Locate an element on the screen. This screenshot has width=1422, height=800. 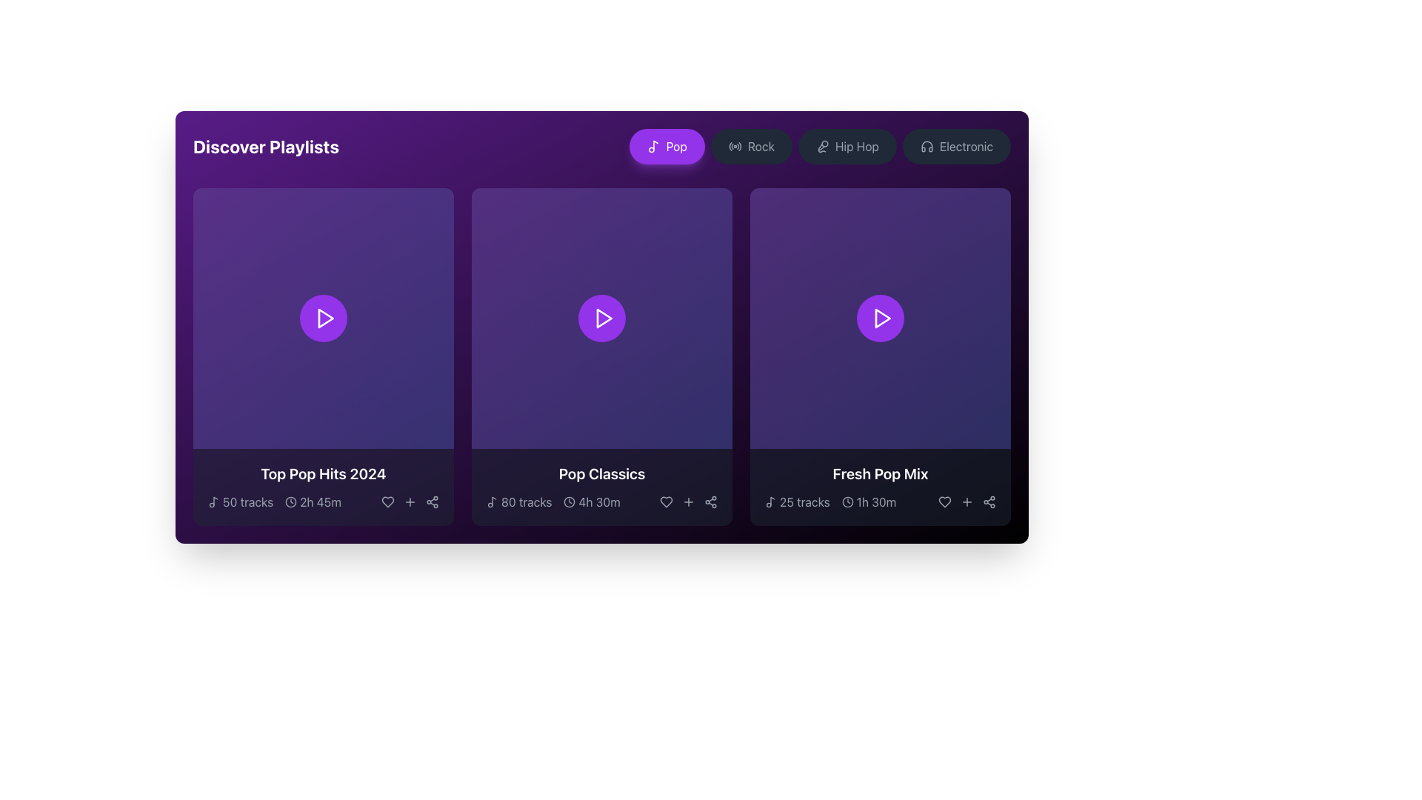
the heart icon button, which is styled with a thin outlined design and is used to symbolize favorite actions is located at coordinates (387, 501).